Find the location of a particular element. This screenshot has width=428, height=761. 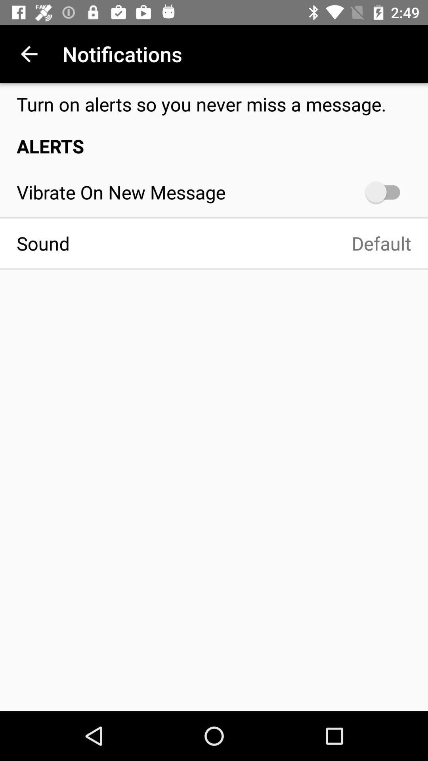

icon next to the notifications is located at coordinates (29, 54).